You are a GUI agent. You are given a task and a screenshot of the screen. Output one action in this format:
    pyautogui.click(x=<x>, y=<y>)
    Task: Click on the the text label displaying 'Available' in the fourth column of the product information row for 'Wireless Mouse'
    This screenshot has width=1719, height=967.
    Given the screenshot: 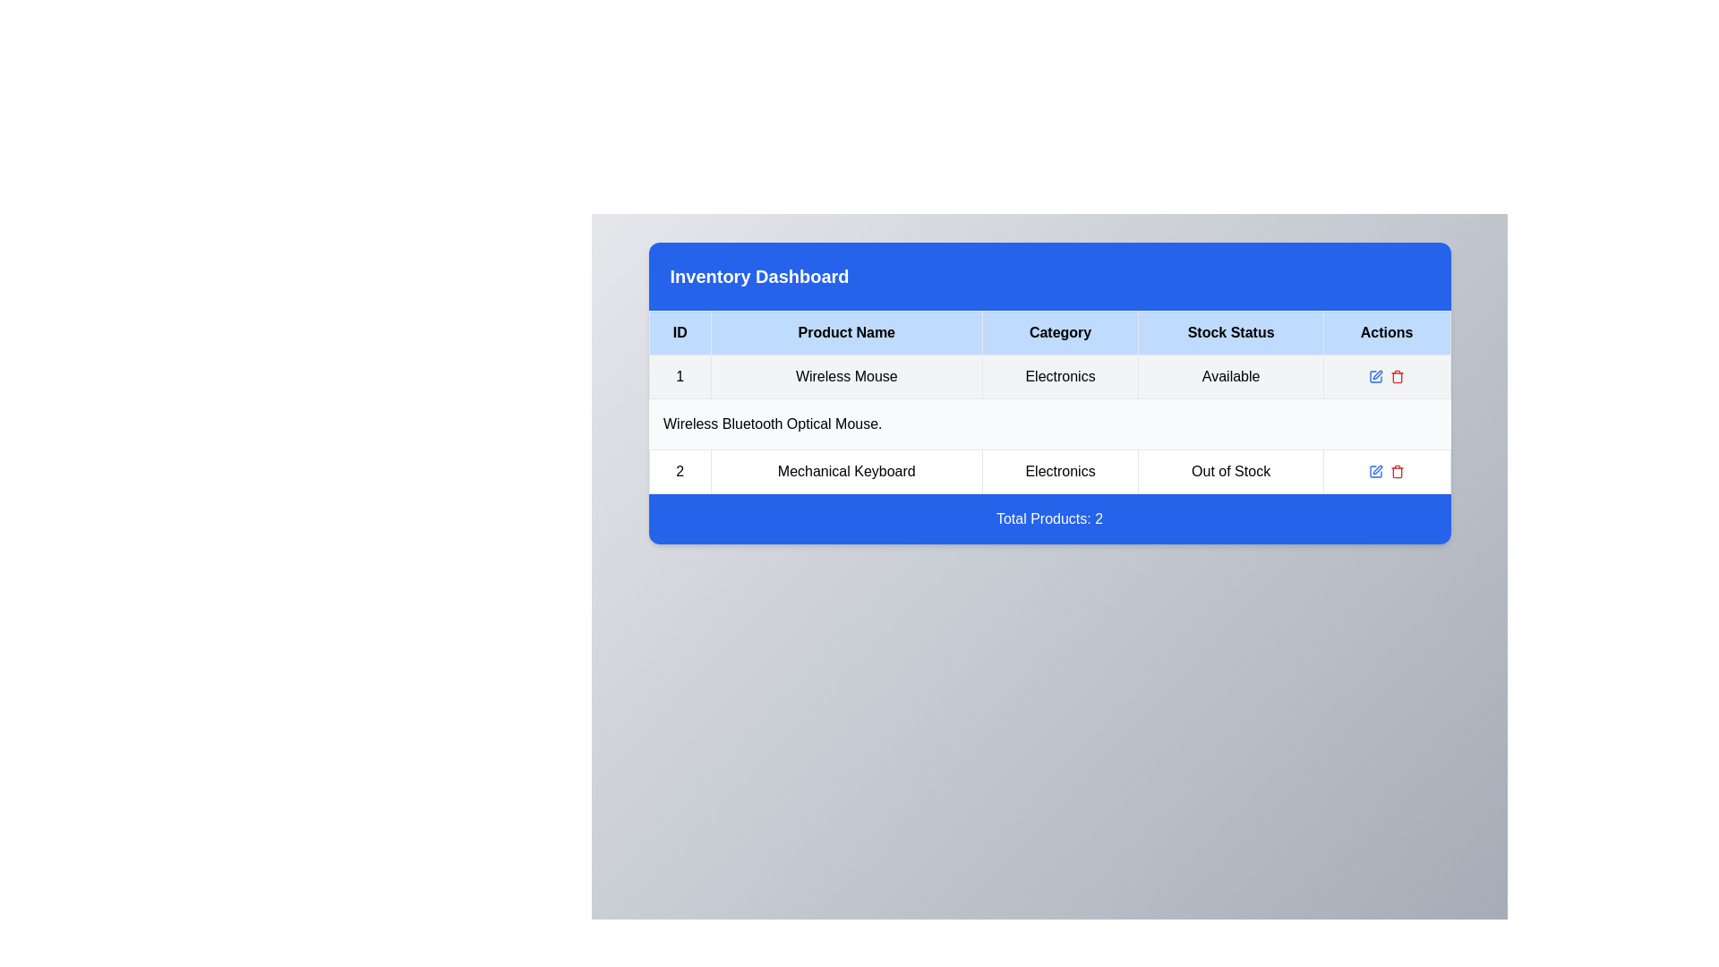 What is the action you would take?
    pyautogui.click(x=1230, y=375)
    